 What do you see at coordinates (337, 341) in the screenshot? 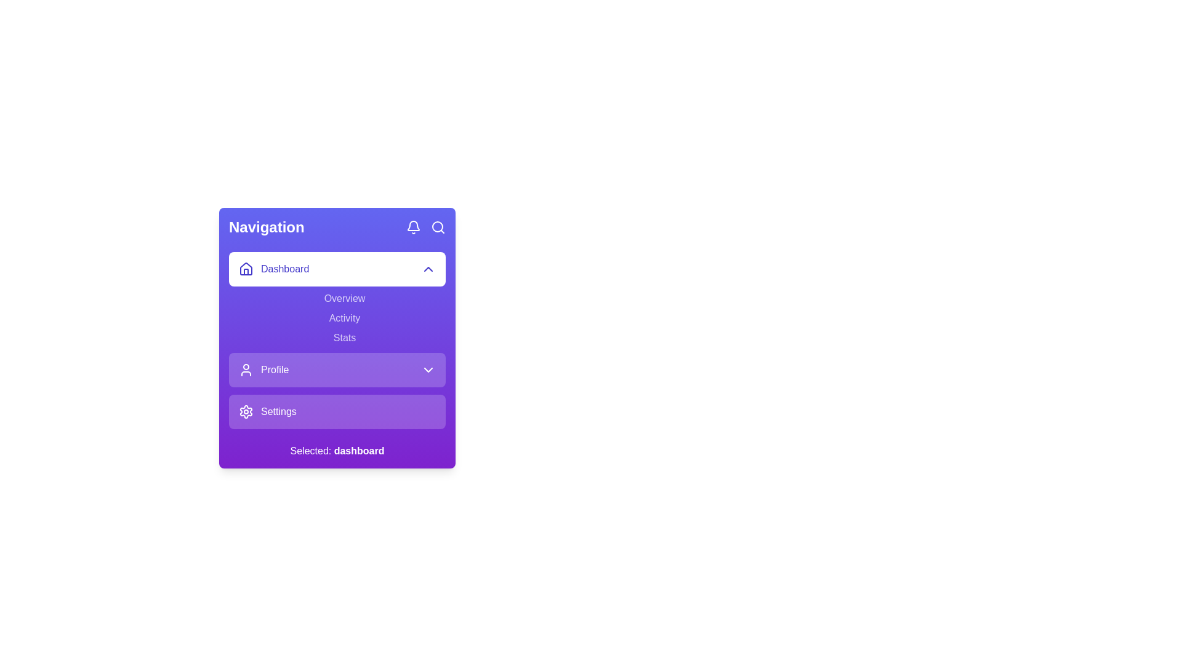
I see `the 'Stats' text label, which is the third item in the secondary list under the 'Dashboard' category` at bounding box center [337, 341].